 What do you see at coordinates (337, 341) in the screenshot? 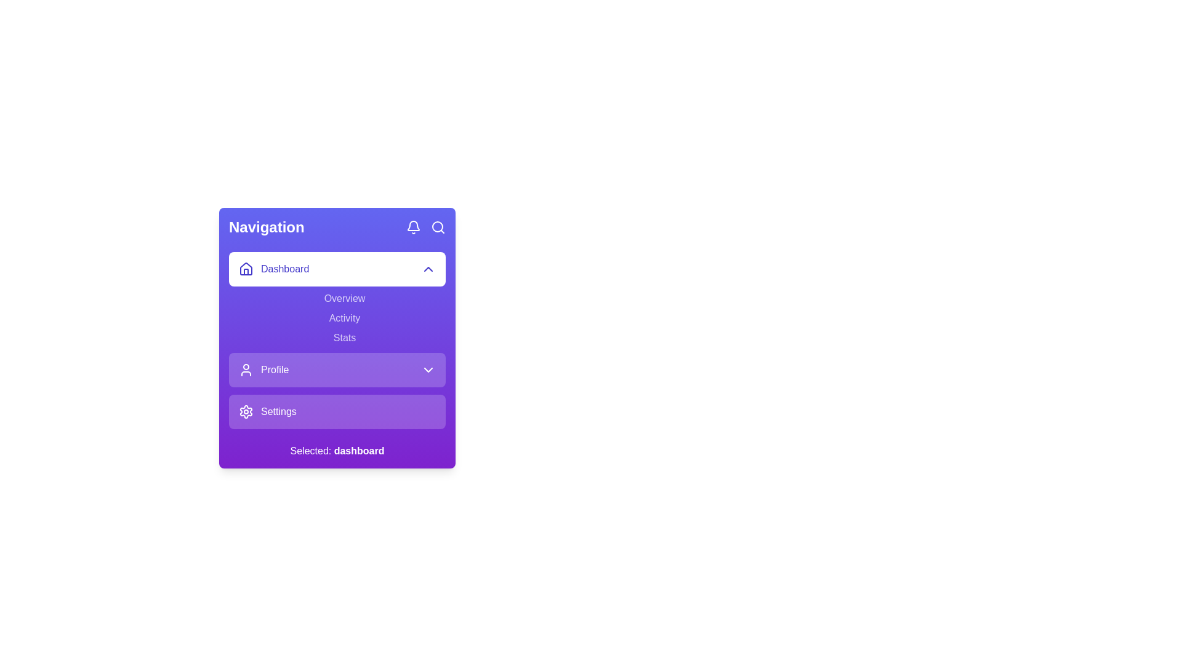
I see `the 'Stats' text label, which is the third item in the secondary list under the 'Dashboard' category` at bounding box center [337, 341].